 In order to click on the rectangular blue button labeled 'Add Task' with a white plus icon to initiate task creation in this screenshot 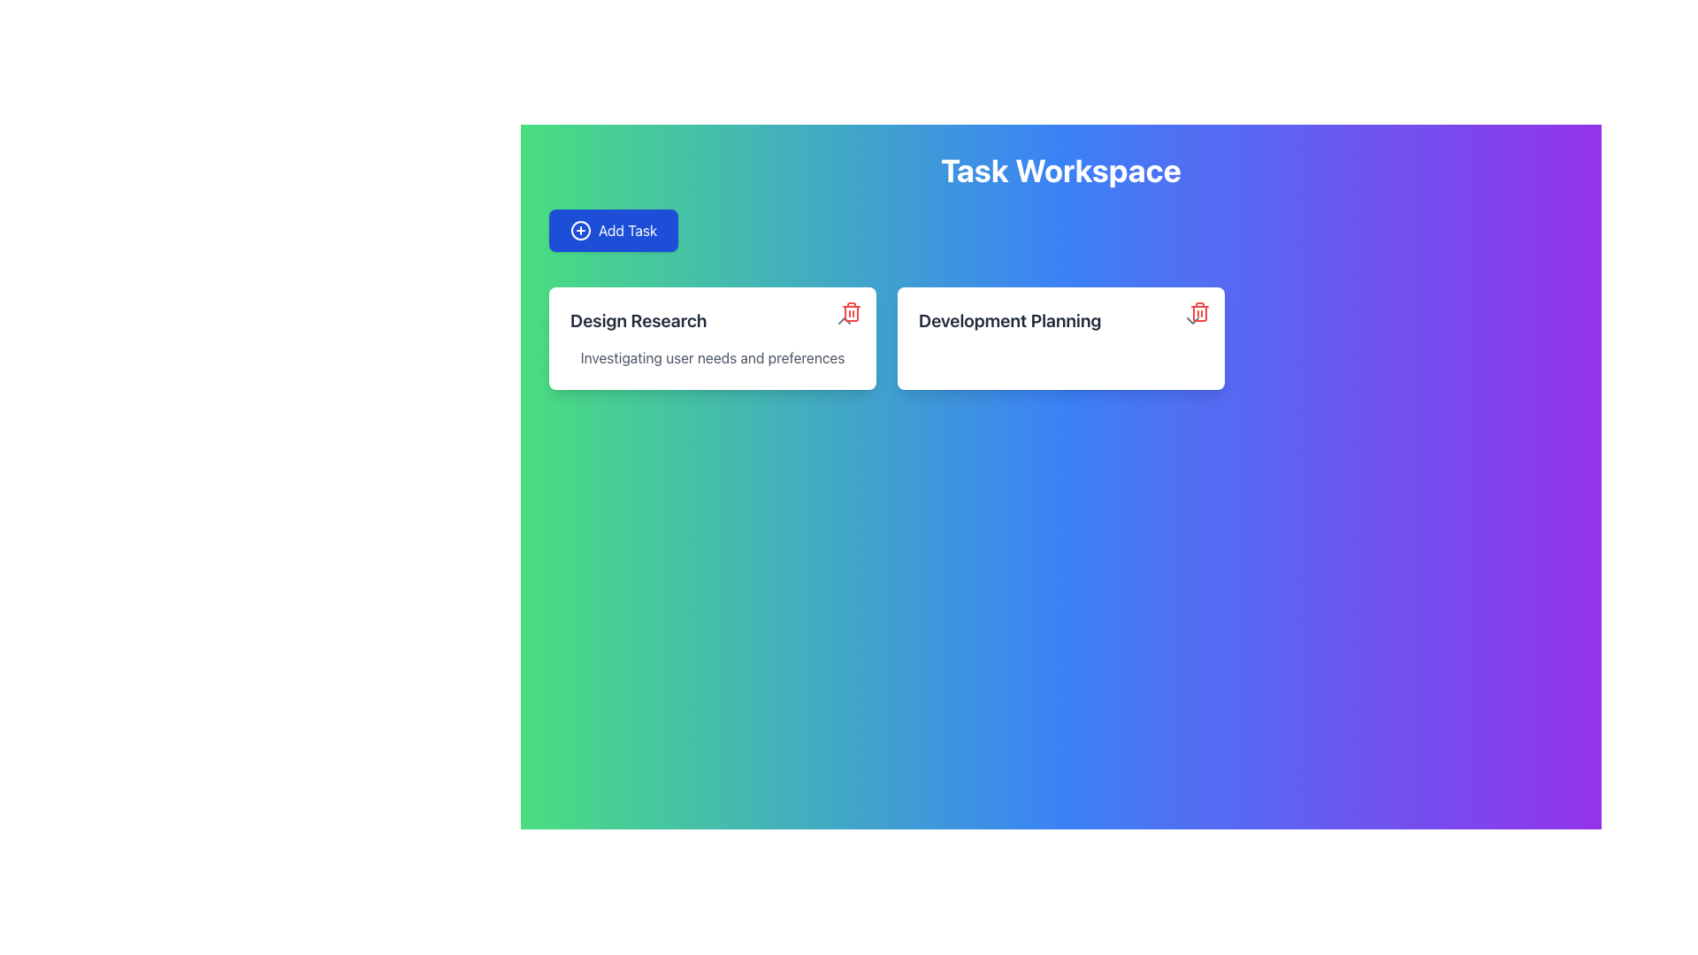, I will do `click(614, 230)`.